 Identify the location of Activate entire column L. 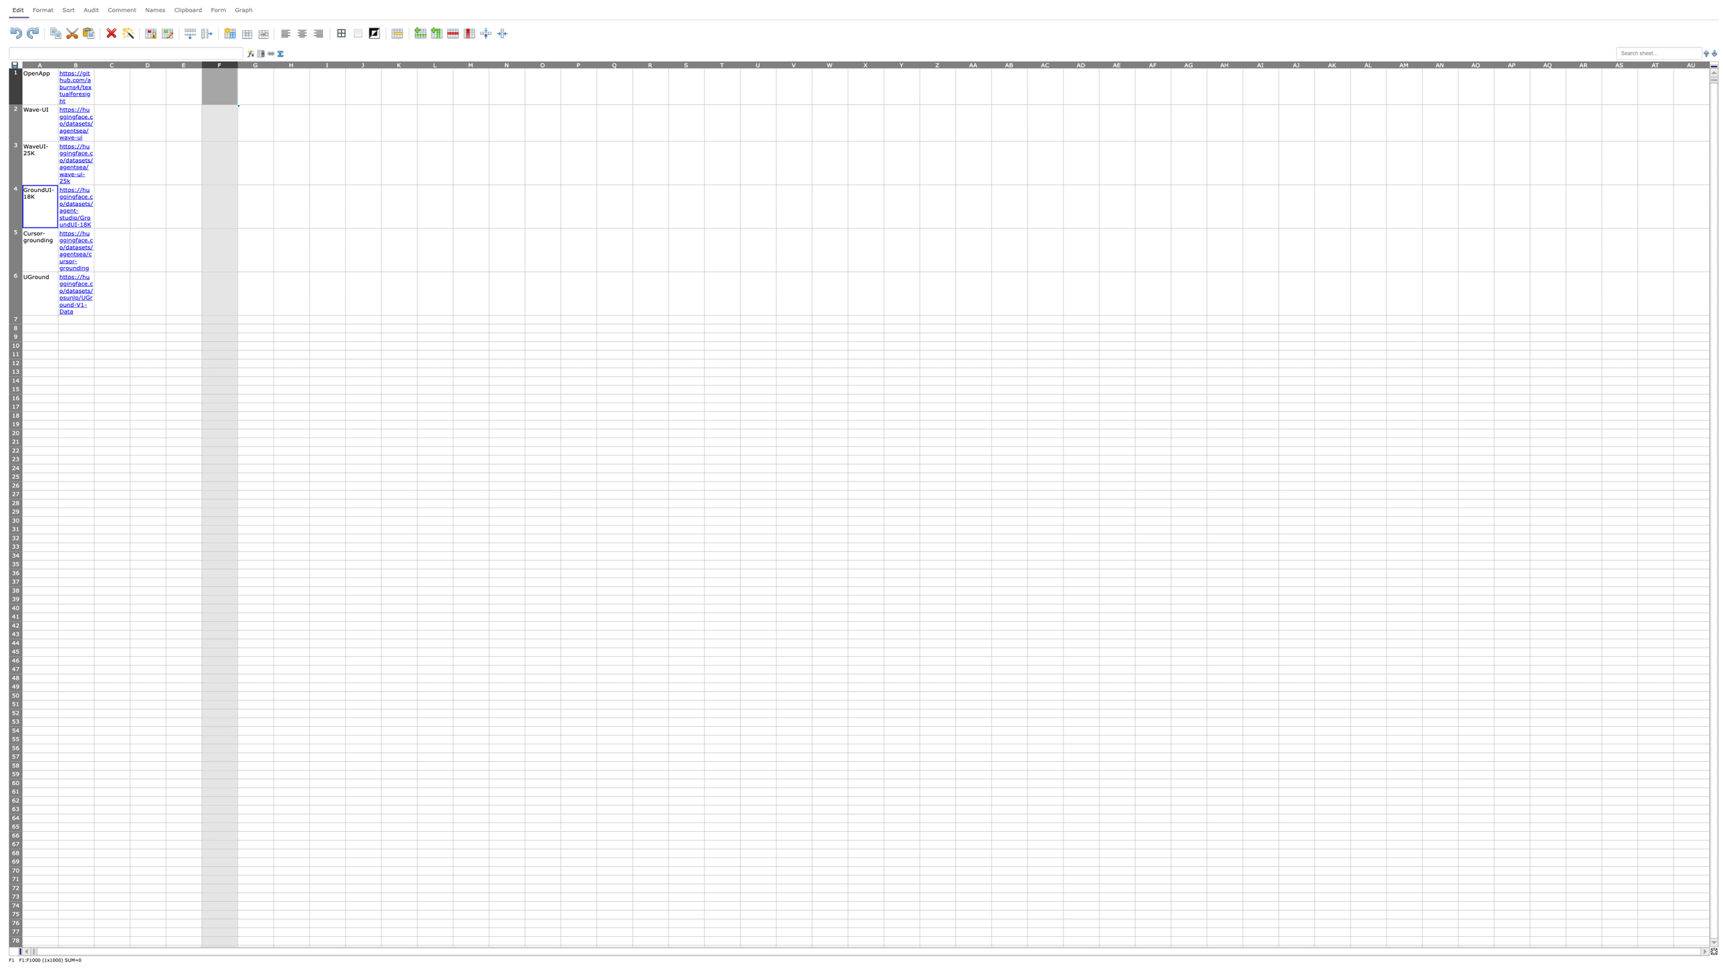
(434, 64).